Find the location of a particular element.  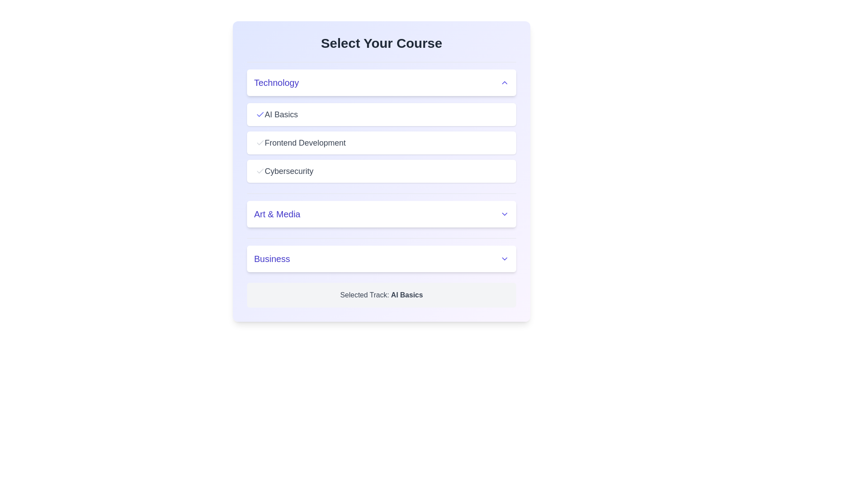

the selectable list item representing the 'Cybersecurity' track in the 'Technology' section is located at coordinates (382, 171).